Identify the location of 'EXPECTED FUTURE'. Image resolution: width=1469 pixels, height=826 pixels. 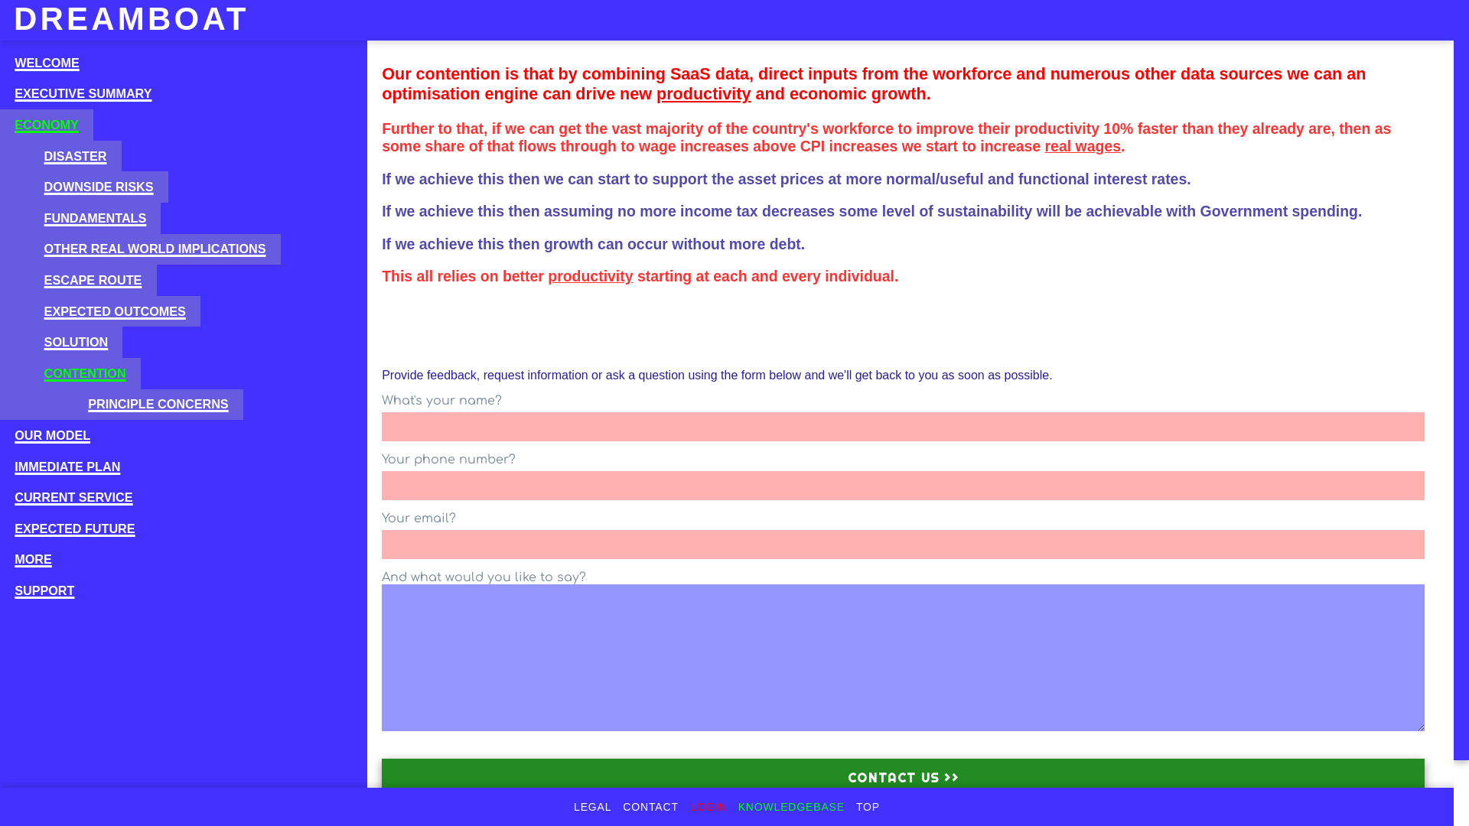
(73, 528).